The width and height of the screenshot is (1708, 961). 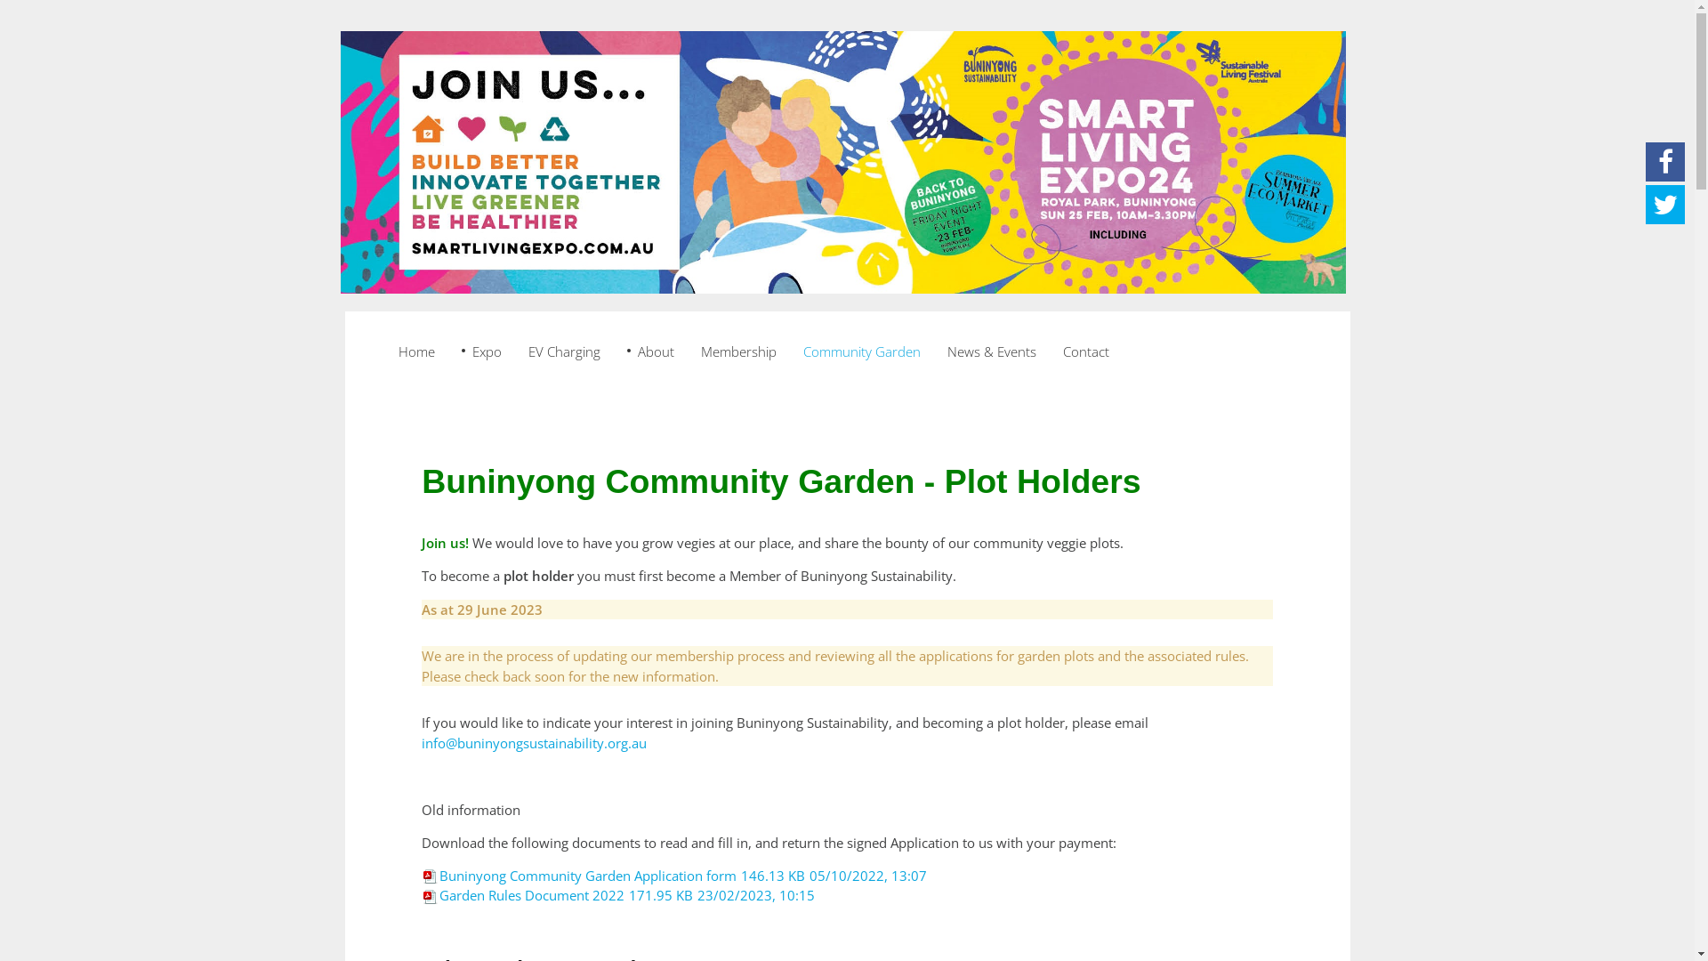 What do you see at coordinates (618, 895) in the screenshot?
I see `'Garden Rules Document 2022171.95 KB23/02/2023, 10:15'` at bounding box center [618, 895].